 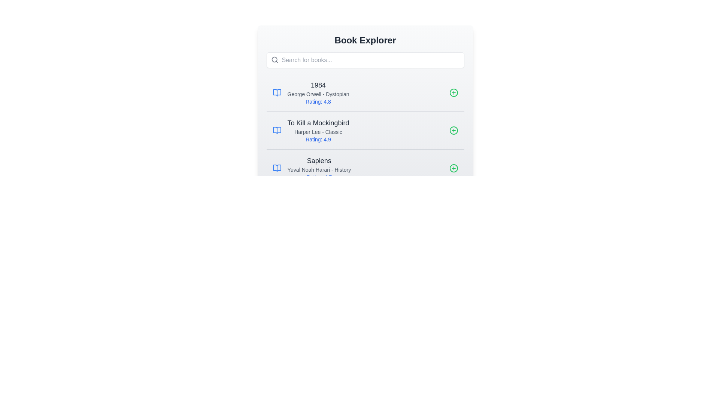 What do you see at coordinates (318, 130) in the screenshot?
I see `the Text Display Block displaying the book summary for 'To Kill a Mockingbird' by Harper Lee, which includes a rating of '4.9' in blue` at bounding box center [318, 130].